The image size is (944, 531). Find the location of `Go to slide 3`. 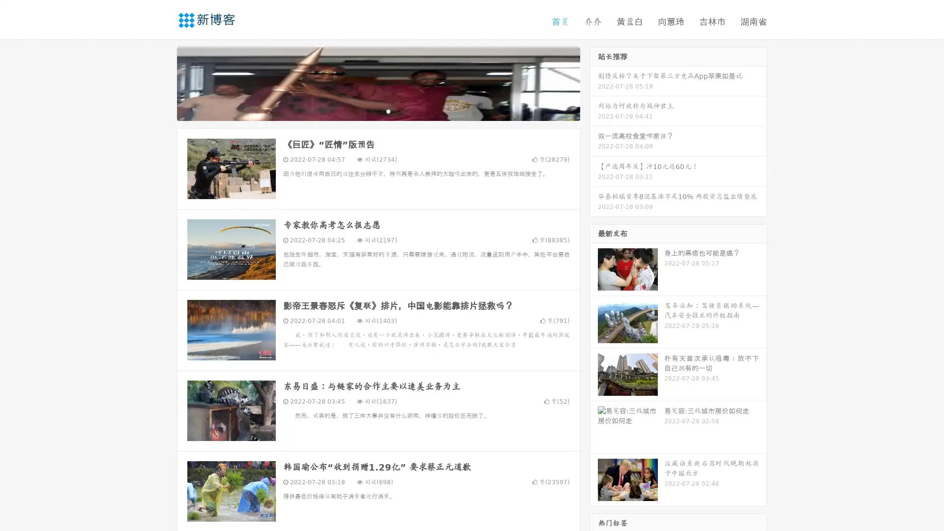

Go to slide 3 is located at coordinates (388, 111).